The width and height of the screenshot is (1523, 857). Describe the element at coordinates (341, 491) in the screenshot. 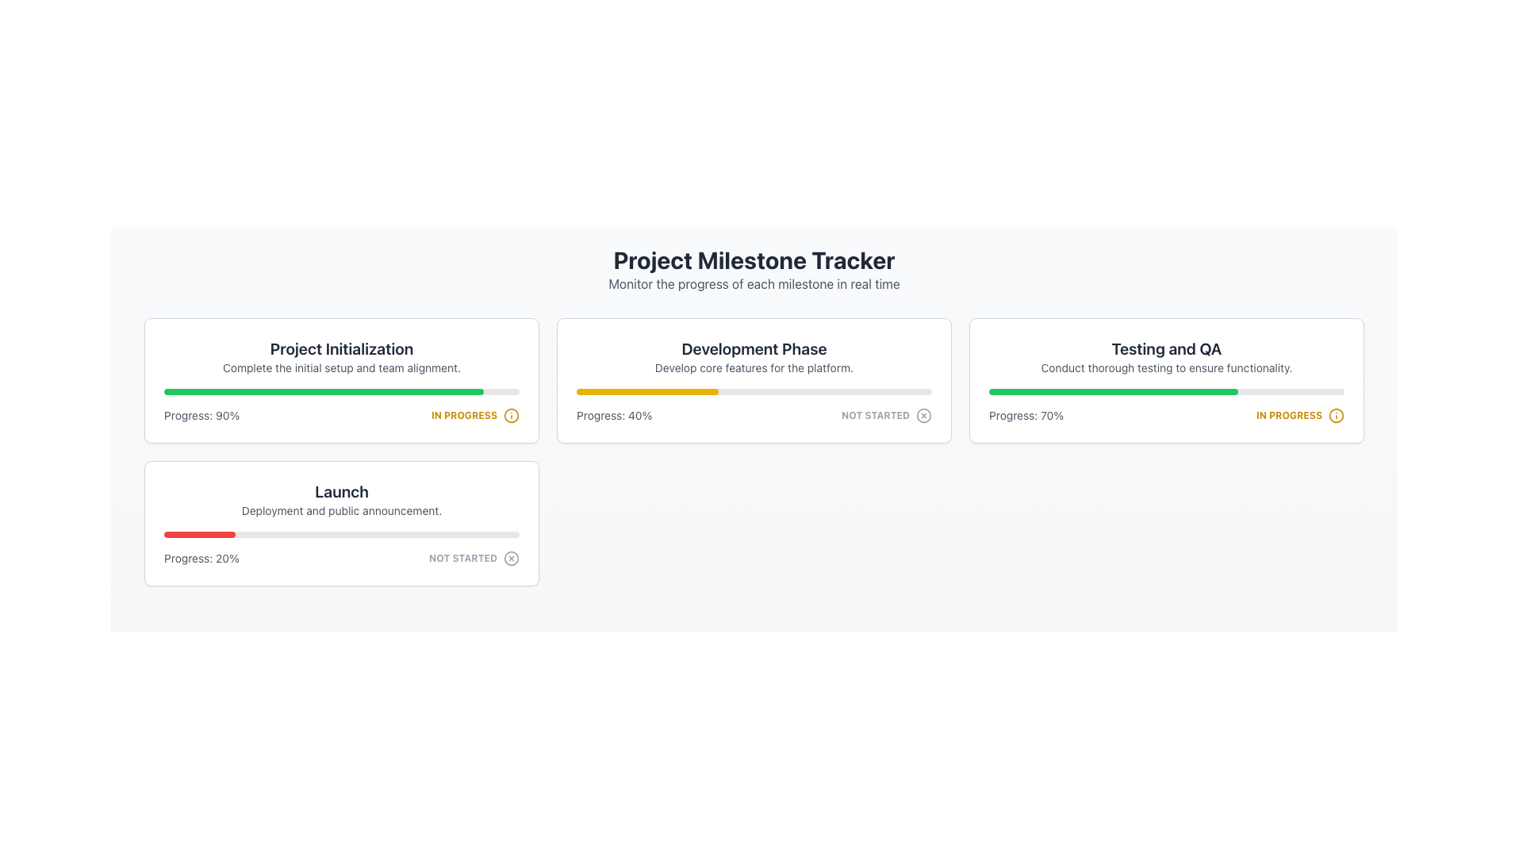

I see `the static text element titled 'Launch' which is displayed in bold and large dark gray font, located at the bottom-center of the milestone card section` at that location.